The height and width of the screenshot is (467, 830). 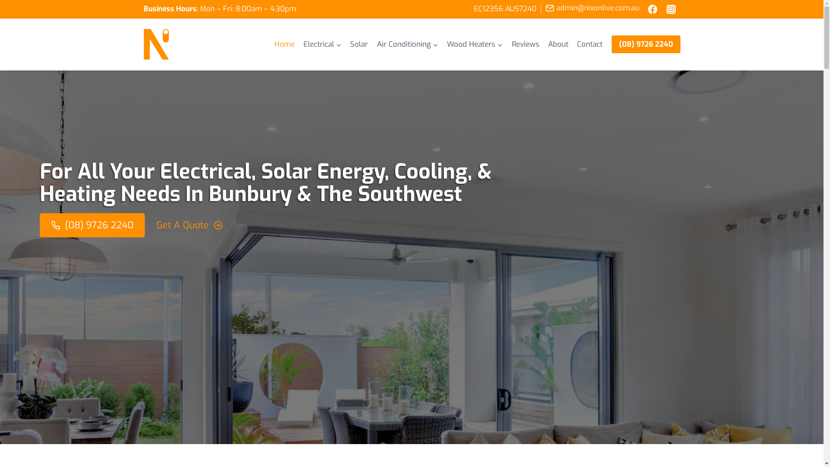 I want to click on '(08) 9726 2240', so click(x=92, y=224).